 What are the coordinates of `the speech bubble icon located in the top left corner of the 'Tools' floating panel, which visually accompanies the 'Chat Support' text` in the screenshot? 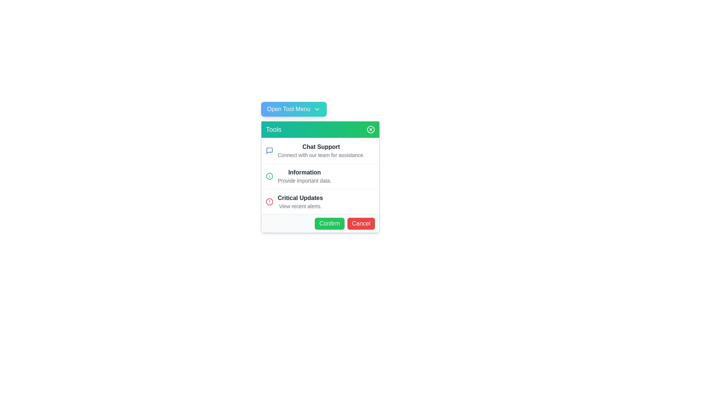 It's located at (269, 150).